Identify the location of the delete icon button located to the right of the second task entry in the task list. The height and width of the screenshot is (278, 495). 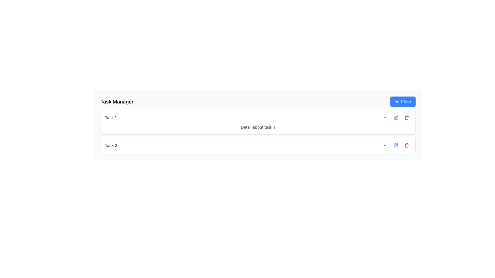
(407, 145).